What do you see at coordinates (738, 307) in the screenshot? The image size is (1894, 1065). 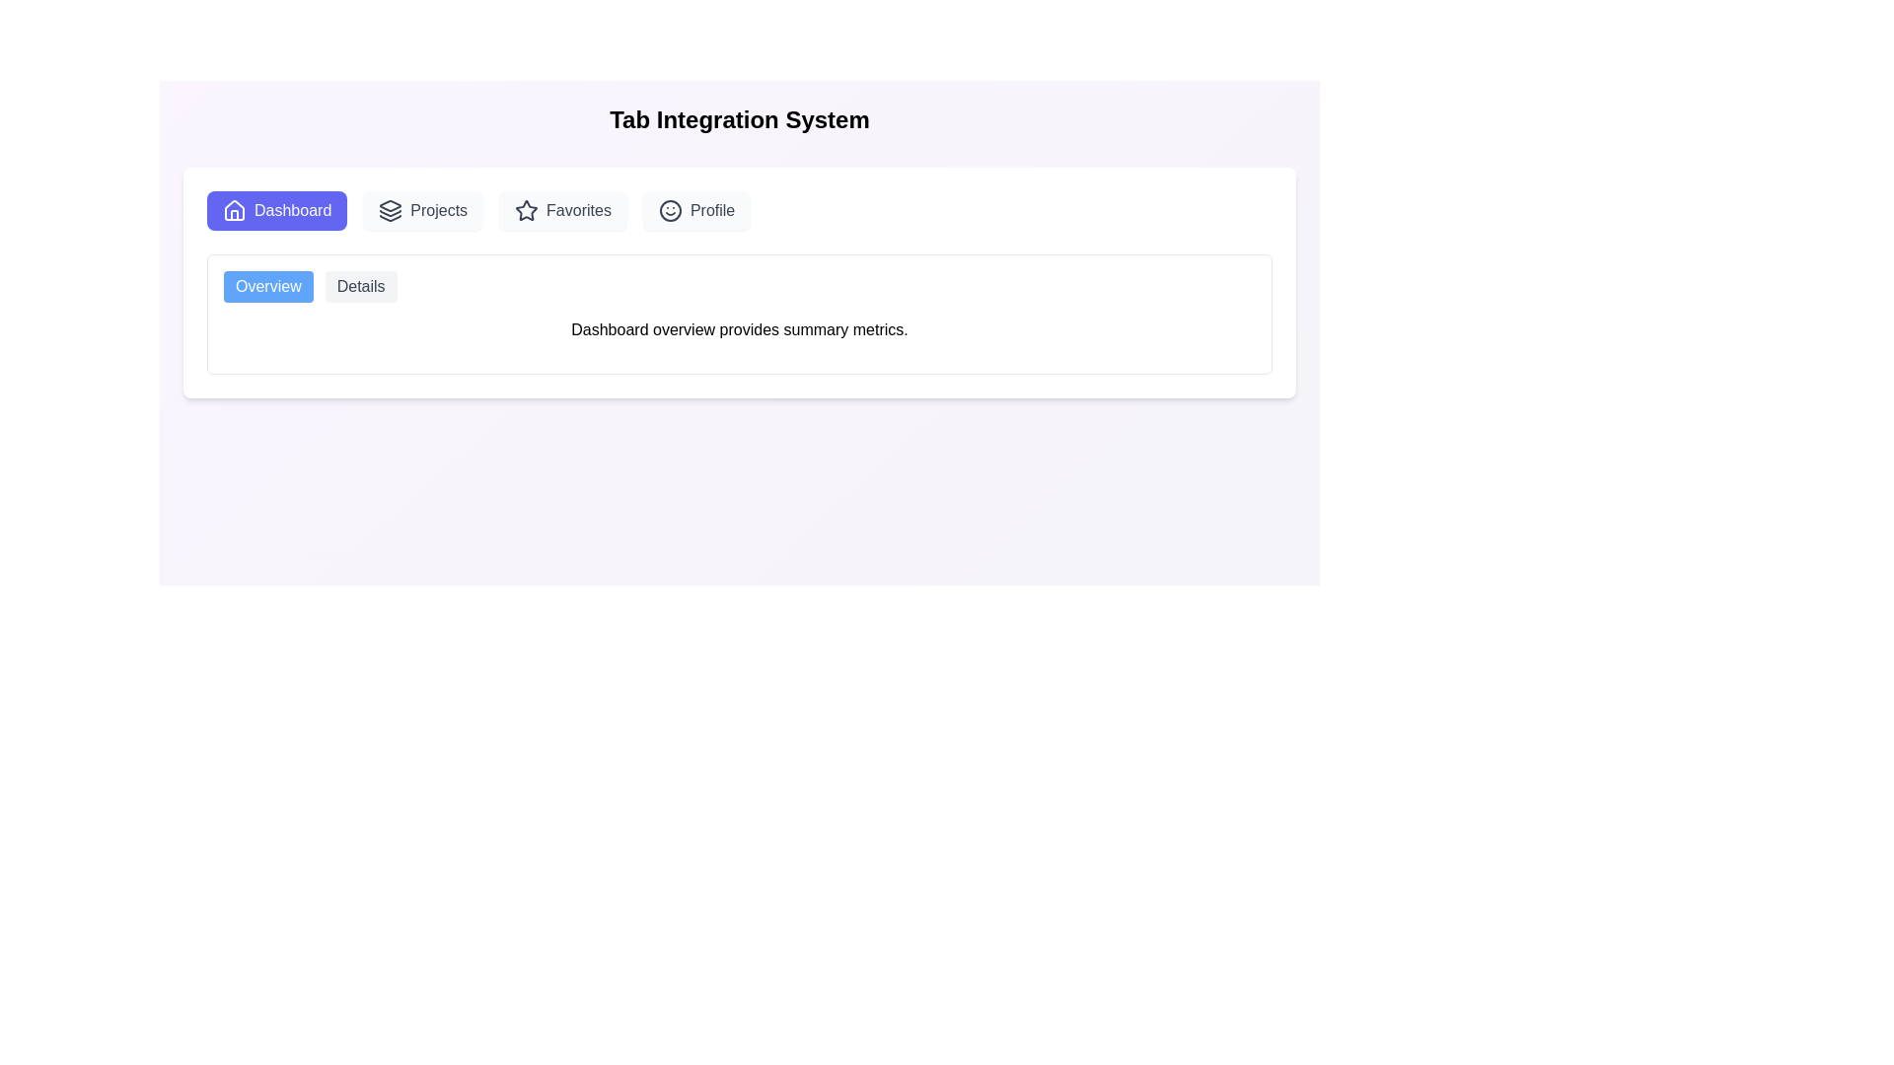 I see `the textual information element located beneath the 'Overview' and 'Details' buttons, which provides a summary of the dashboard's metrics` at bounding box center [738, 307].